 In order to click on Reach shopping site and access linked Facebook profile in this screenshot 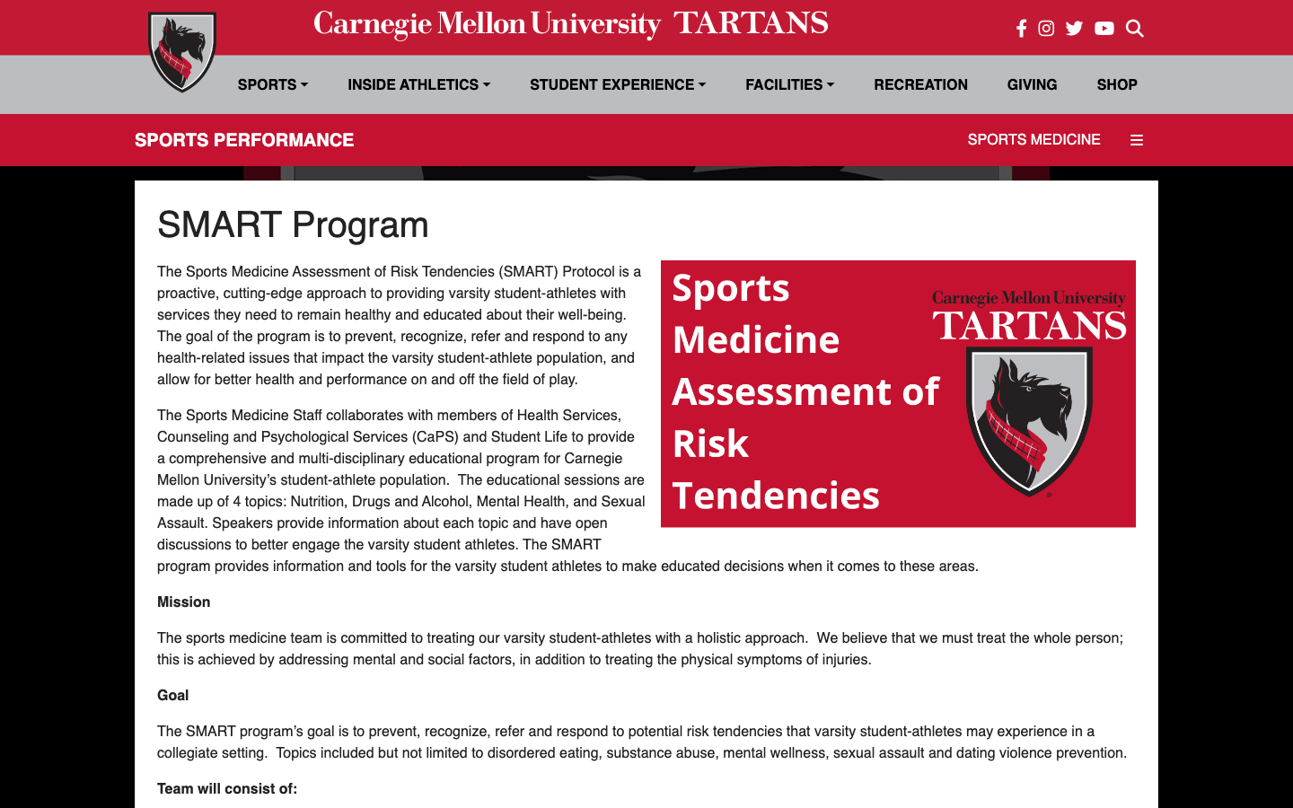, I will do `click(1116, 83)`.